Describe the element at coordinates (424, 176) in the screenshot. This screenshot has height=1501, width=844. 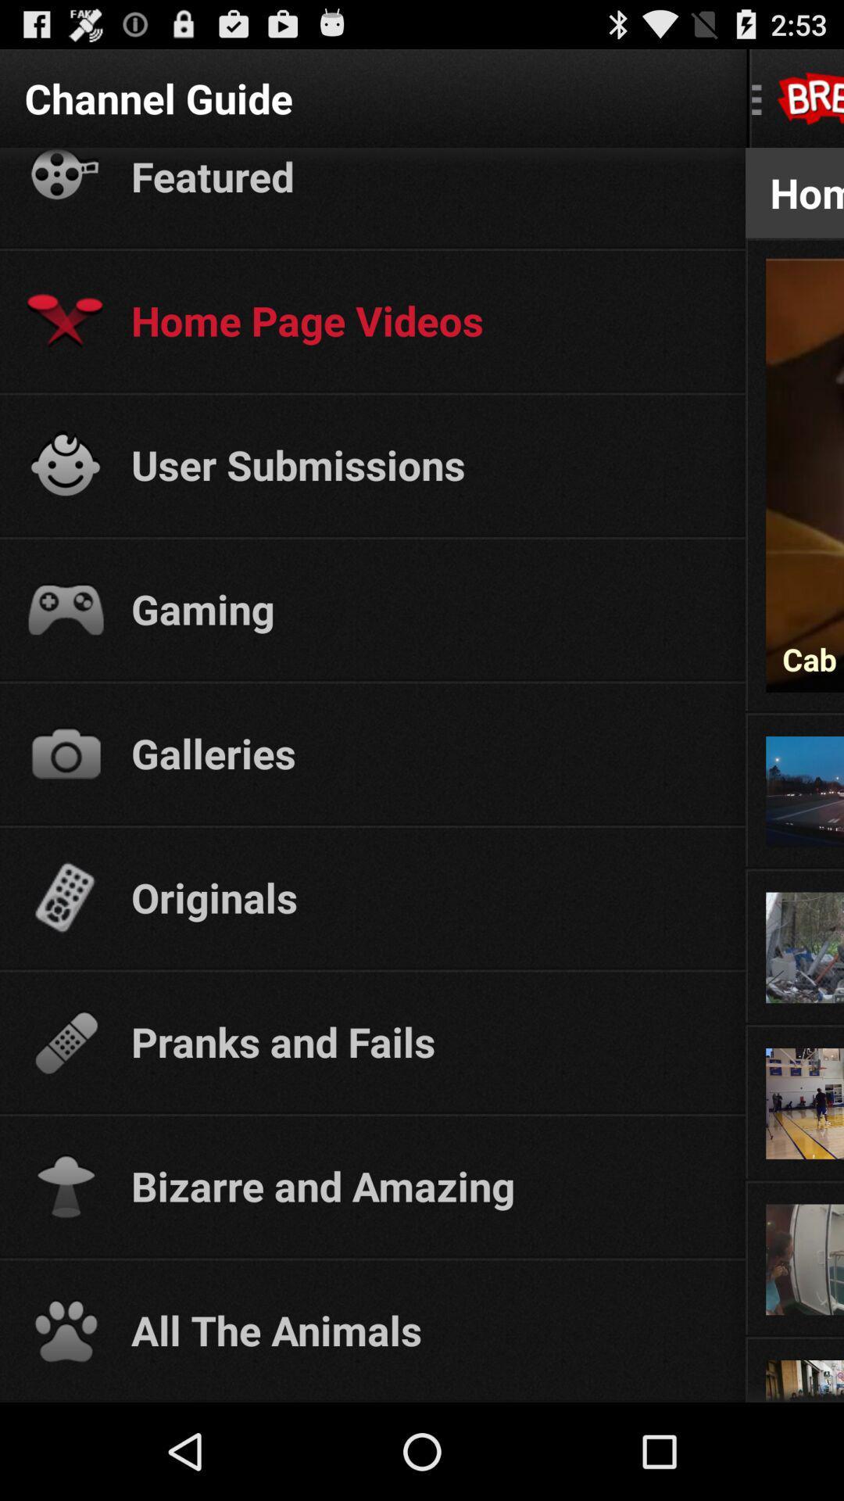
I see `icon below the channel guide app` at that location.